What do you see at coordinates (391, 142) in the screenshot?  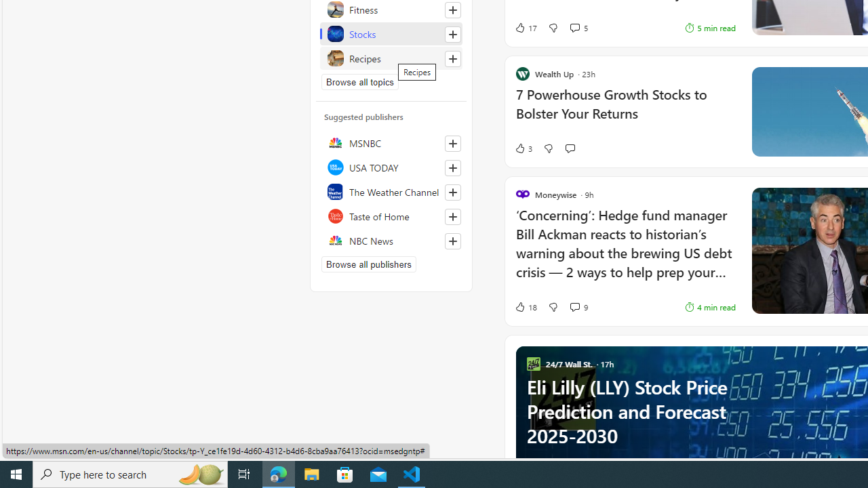 I see `'MSNBC'` at bounding box center [391, 142].